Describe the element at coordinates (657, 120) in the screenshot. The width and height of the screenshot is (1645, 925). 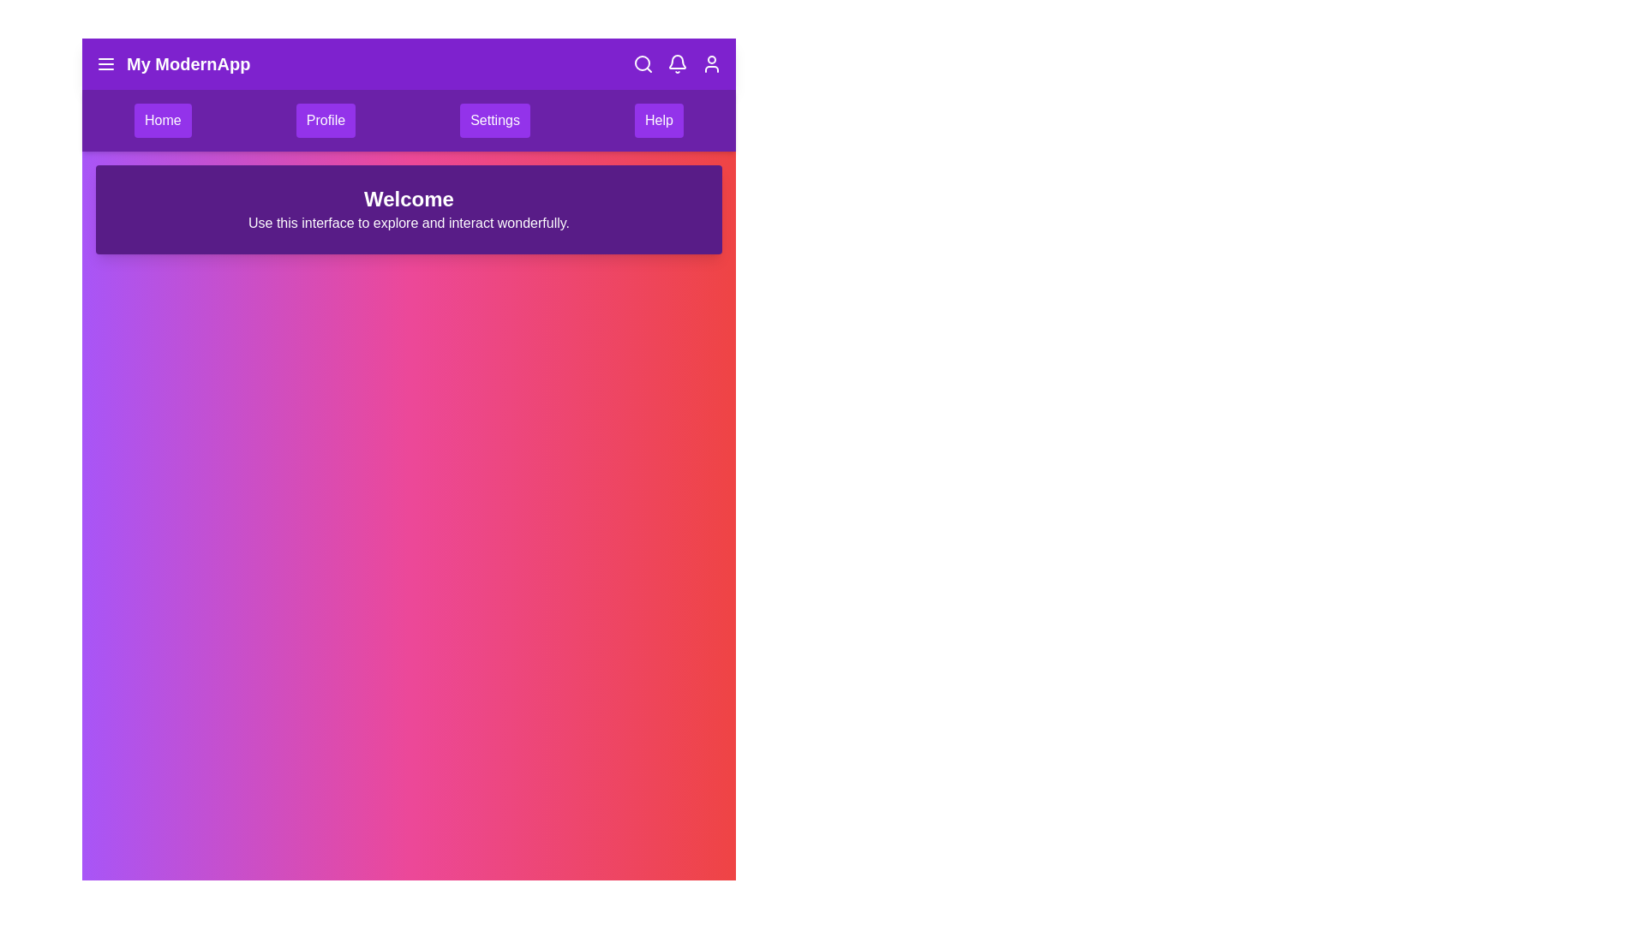
I see `the menu item Help to see its hover effect` at that location.